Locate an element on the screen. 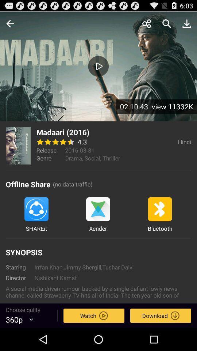 The image size is (197, 351). the play icon is located at coordinates (98, 71).